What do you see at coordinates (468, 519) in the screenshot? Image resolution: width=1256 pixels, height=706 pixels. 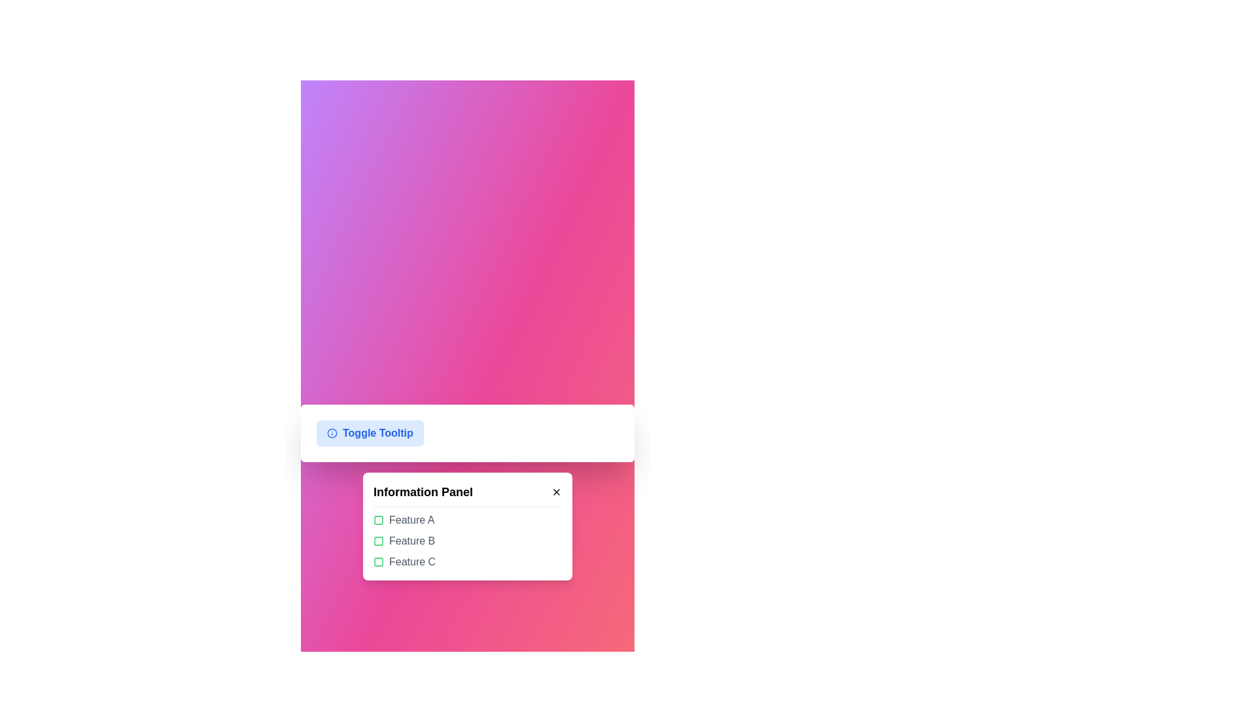 I see `the 'Feature A' checkbox located at the top of the vertically stacked group` at bounding box center [468, 519].